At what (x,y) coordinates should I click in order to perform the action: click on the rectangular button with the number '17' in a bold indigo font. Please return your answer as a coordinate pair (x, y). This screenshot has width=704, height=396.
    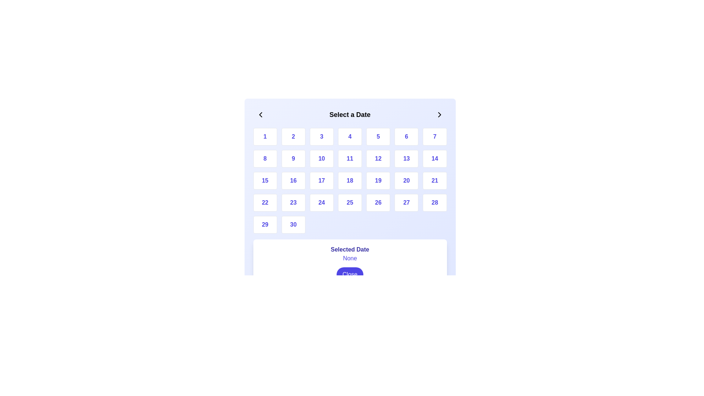
    Looking at the image, I should click on (322, 181).